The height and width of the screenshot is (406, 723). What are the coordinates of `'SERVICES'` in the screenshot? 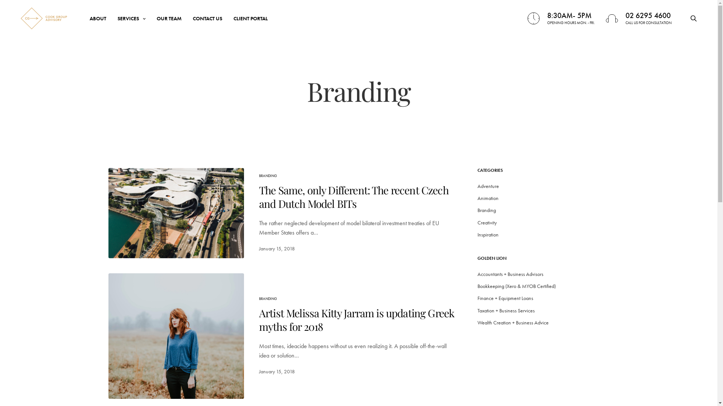 It's located at (131, 18).